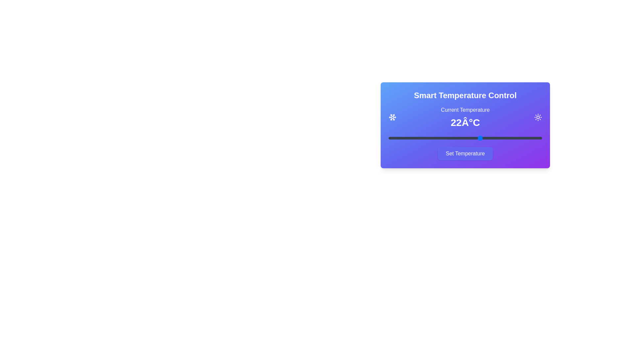  I want to click on the sun-like icon, which visually represents sunny conditions, located at the rightmost side of the 'Current Temperature' section, so click(538, 117).